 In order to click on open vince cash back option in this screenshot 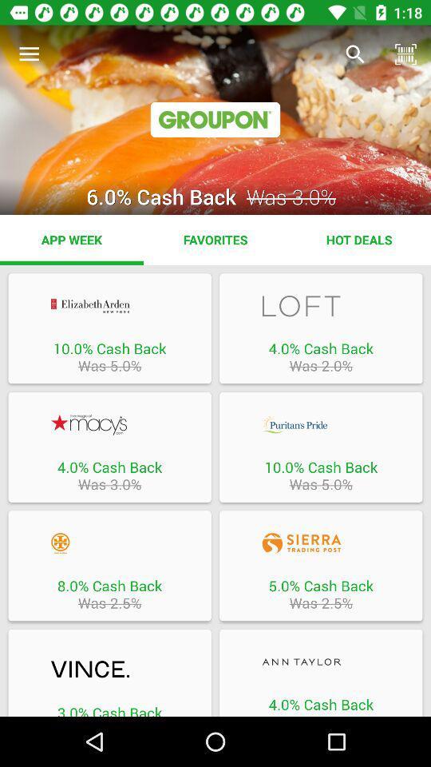, I will do `click(109, 670)`.